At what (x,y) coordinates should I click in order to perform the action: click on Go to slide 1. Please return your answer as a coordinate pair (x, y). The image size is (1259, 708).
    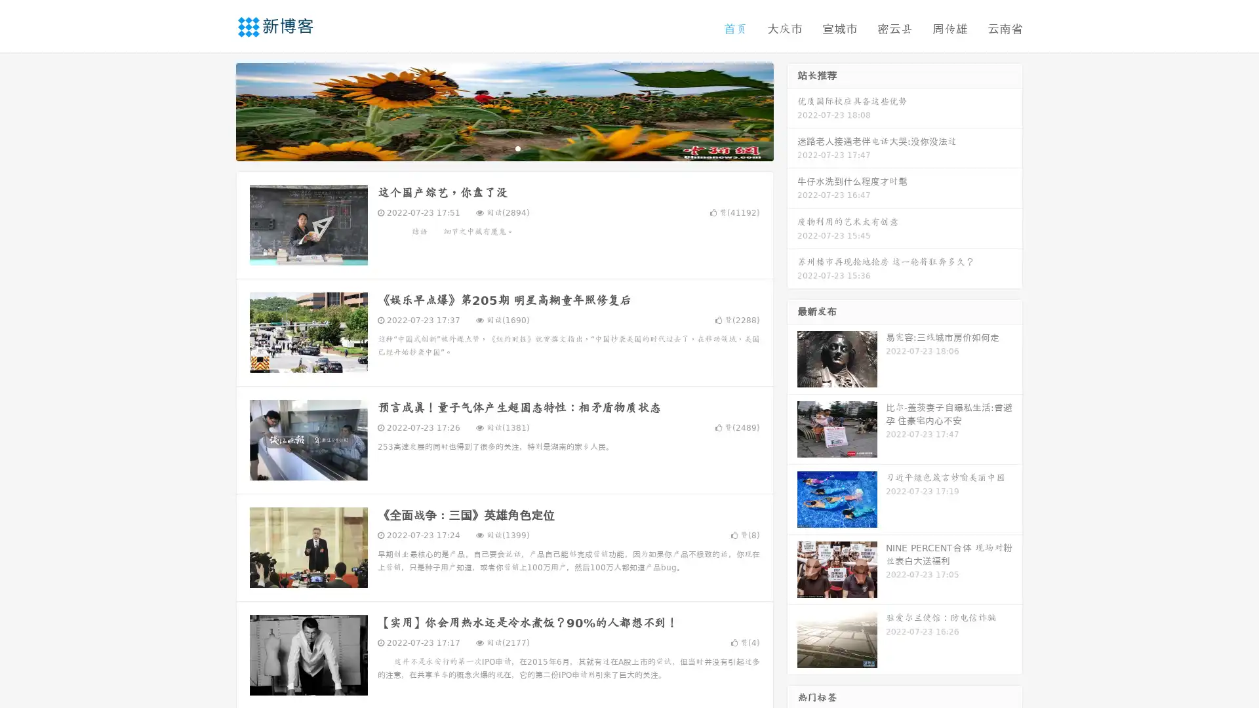
    Looking at the image, I should click on (490, 147).